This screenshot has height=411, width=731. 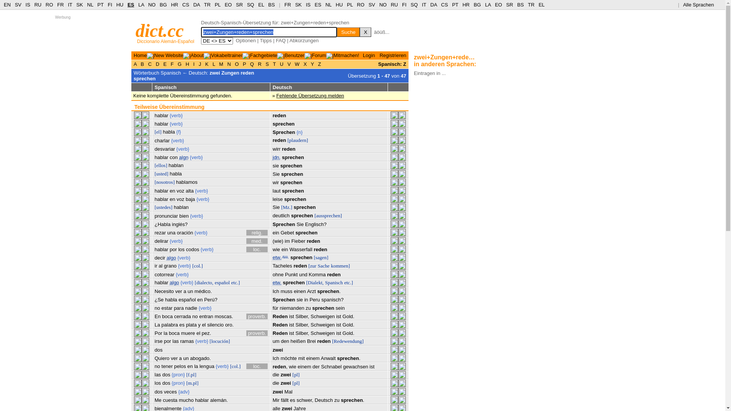 I want to click on 'zu', so click(x=336, y=400).